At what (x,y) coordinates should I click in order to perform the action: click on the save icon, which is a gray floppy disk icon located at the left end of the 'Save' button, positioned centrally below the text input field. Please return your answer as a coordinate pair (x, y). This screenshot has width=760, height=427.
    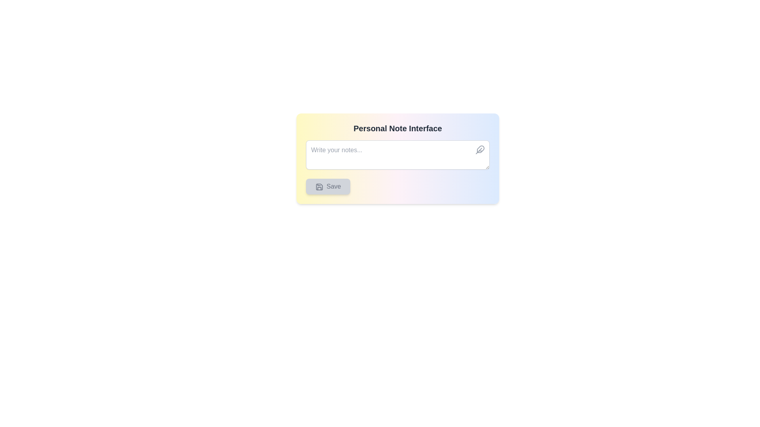
    Looking at the image, I should click on (319, 186).